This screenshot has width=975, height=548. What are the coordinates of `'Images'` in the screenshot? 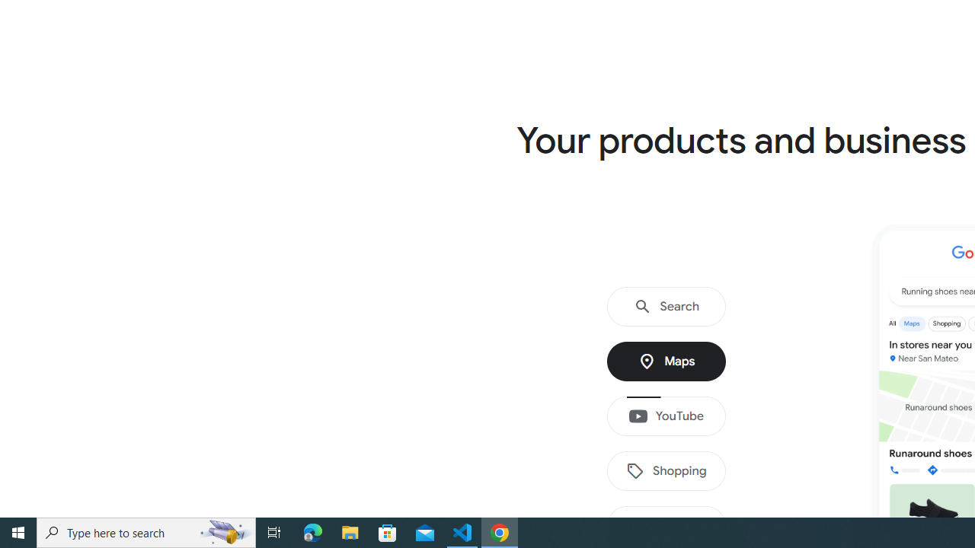 It's located at (667, 525).